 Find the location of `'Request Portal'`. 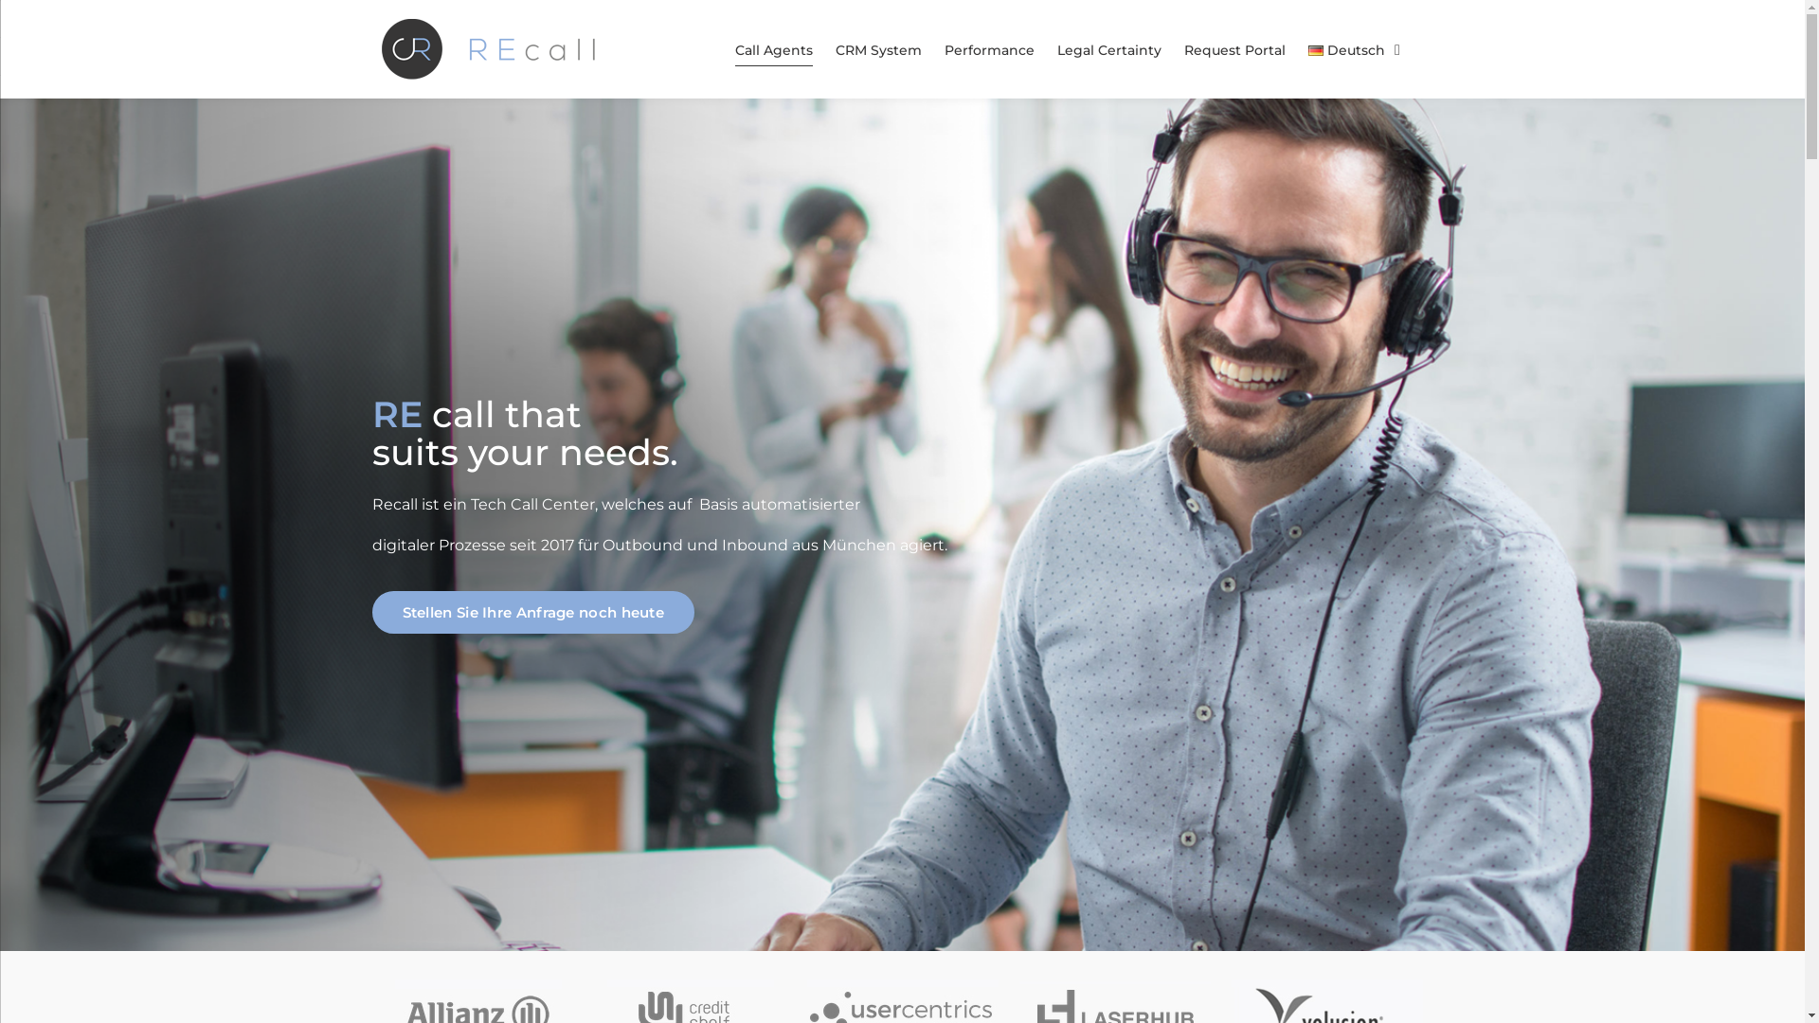

'Request Portal' is located at coordinates (1234, 49).